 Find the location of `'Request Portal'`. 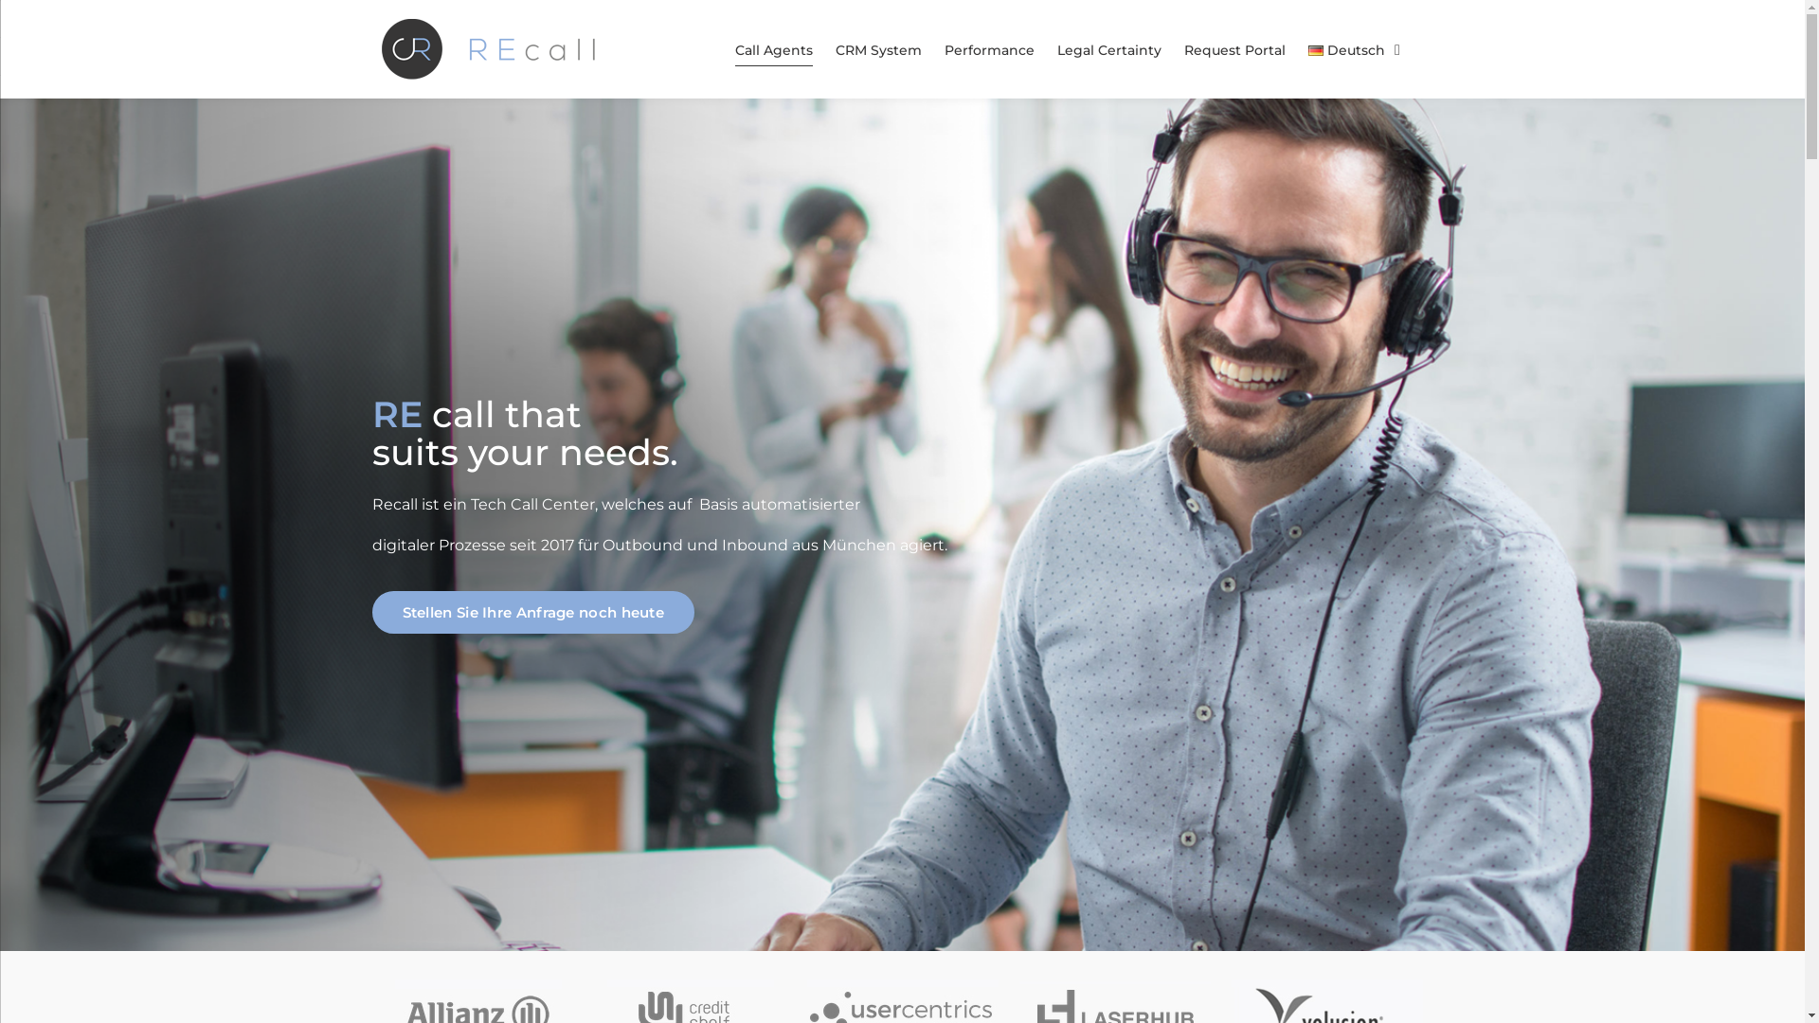

'Request Portal' is located at coordinates (1234, 49).